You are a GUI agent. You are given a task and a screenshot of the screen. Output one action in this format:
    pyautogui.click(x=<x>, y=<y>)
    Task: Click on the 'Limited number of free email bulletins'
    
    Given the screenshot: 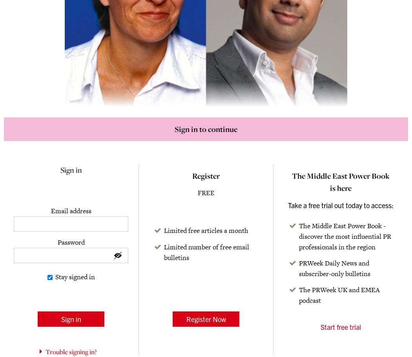 What is the action you would take?
    pyautogui.click(x=206, y=251)
    